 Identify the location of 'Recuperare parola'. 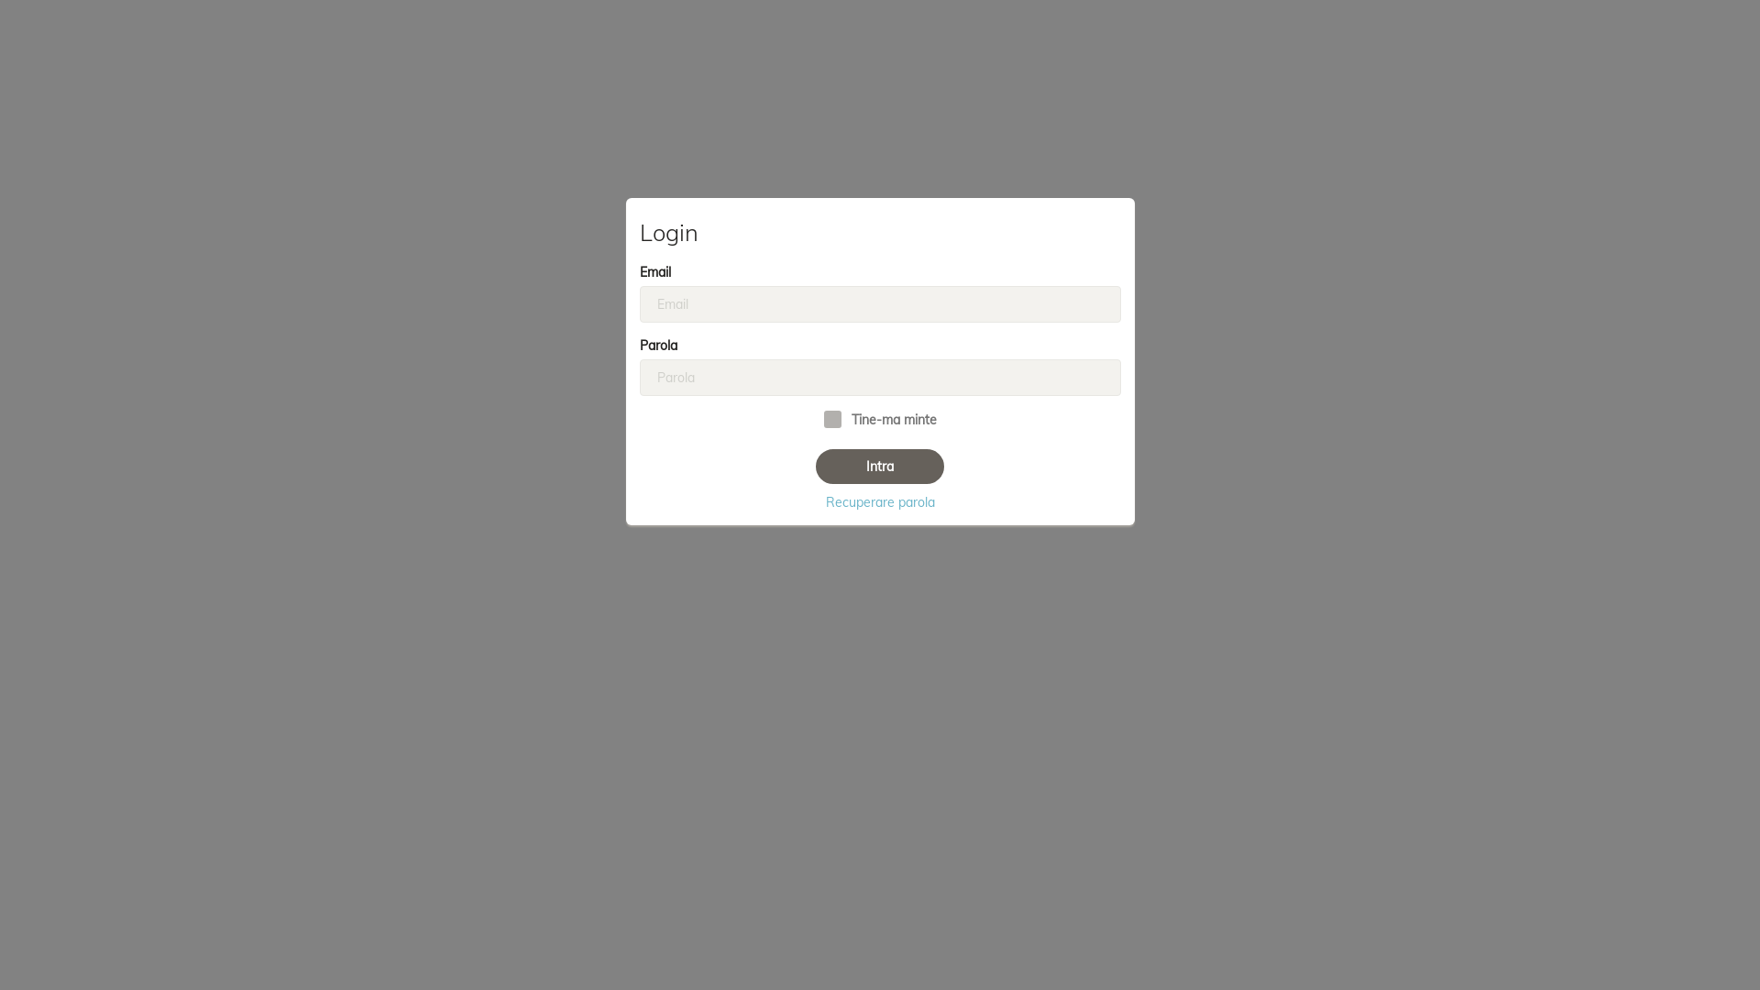
(878, 501).